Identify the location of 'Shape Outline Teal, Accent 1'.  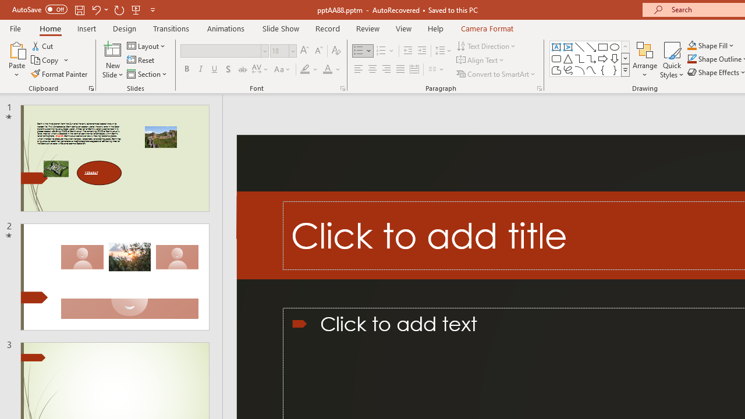
(692, 59).